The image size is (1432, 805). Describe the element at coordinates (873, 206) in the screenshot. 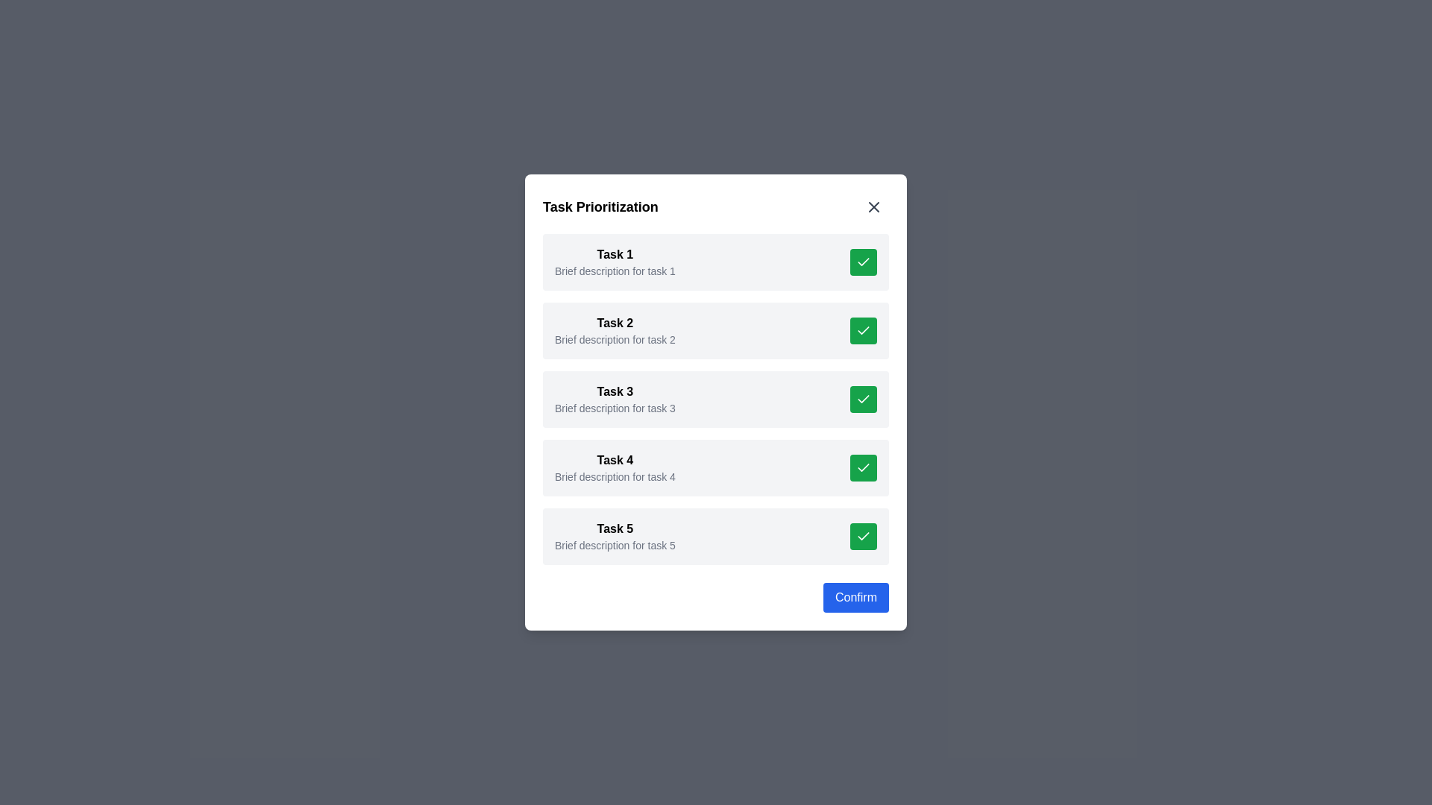

I see `the small circular button with a dark gray border and light gray background, containing an 'X' icon, located in the header area of the modal` at that location.